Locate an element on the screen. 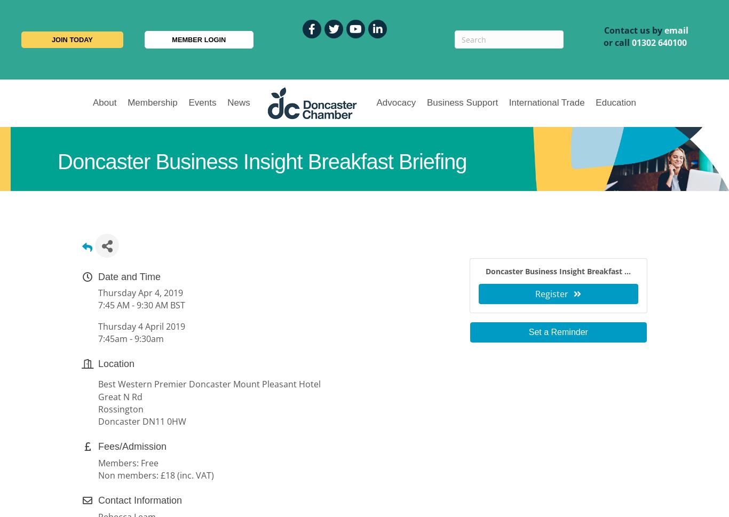 The width and height of the screenshot is (729, 517). 'all' is located at coordinates (624, 42).